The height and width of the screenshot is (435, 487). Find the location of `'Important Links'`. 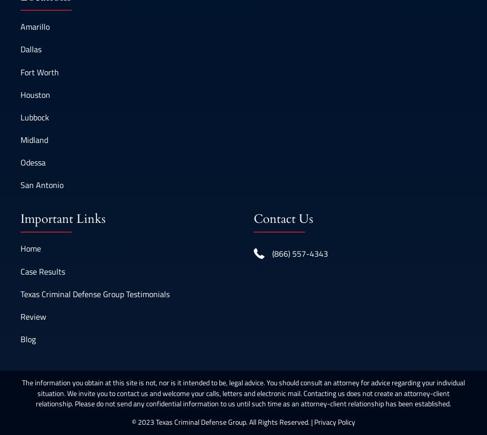

'Important Links' is located at coordinates (20, 218).